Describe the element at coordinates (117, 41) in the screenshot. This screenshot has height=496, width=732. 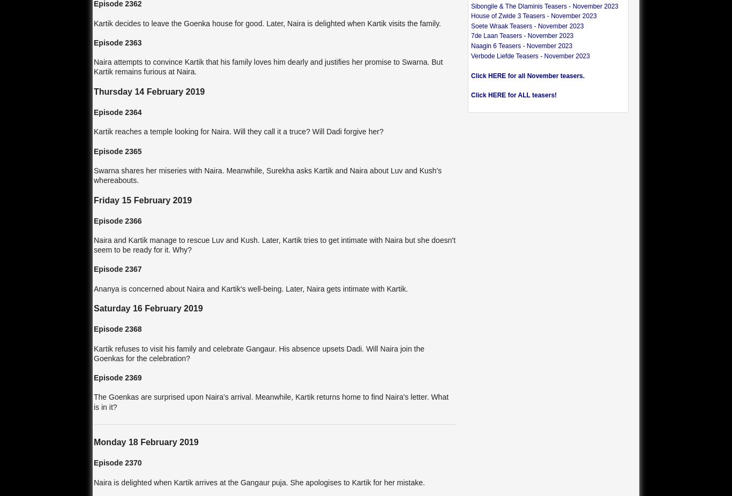
I see `'Episode 2363'` at that location.